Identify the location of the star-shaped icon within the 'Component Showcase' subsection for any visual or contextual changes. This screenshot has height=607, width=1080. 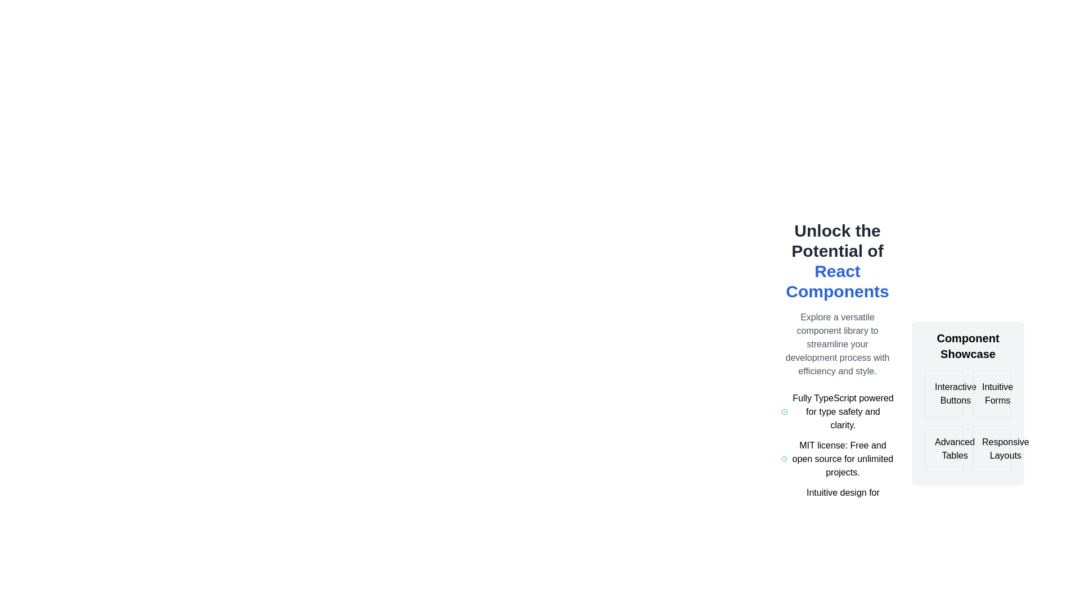
(982, 393).